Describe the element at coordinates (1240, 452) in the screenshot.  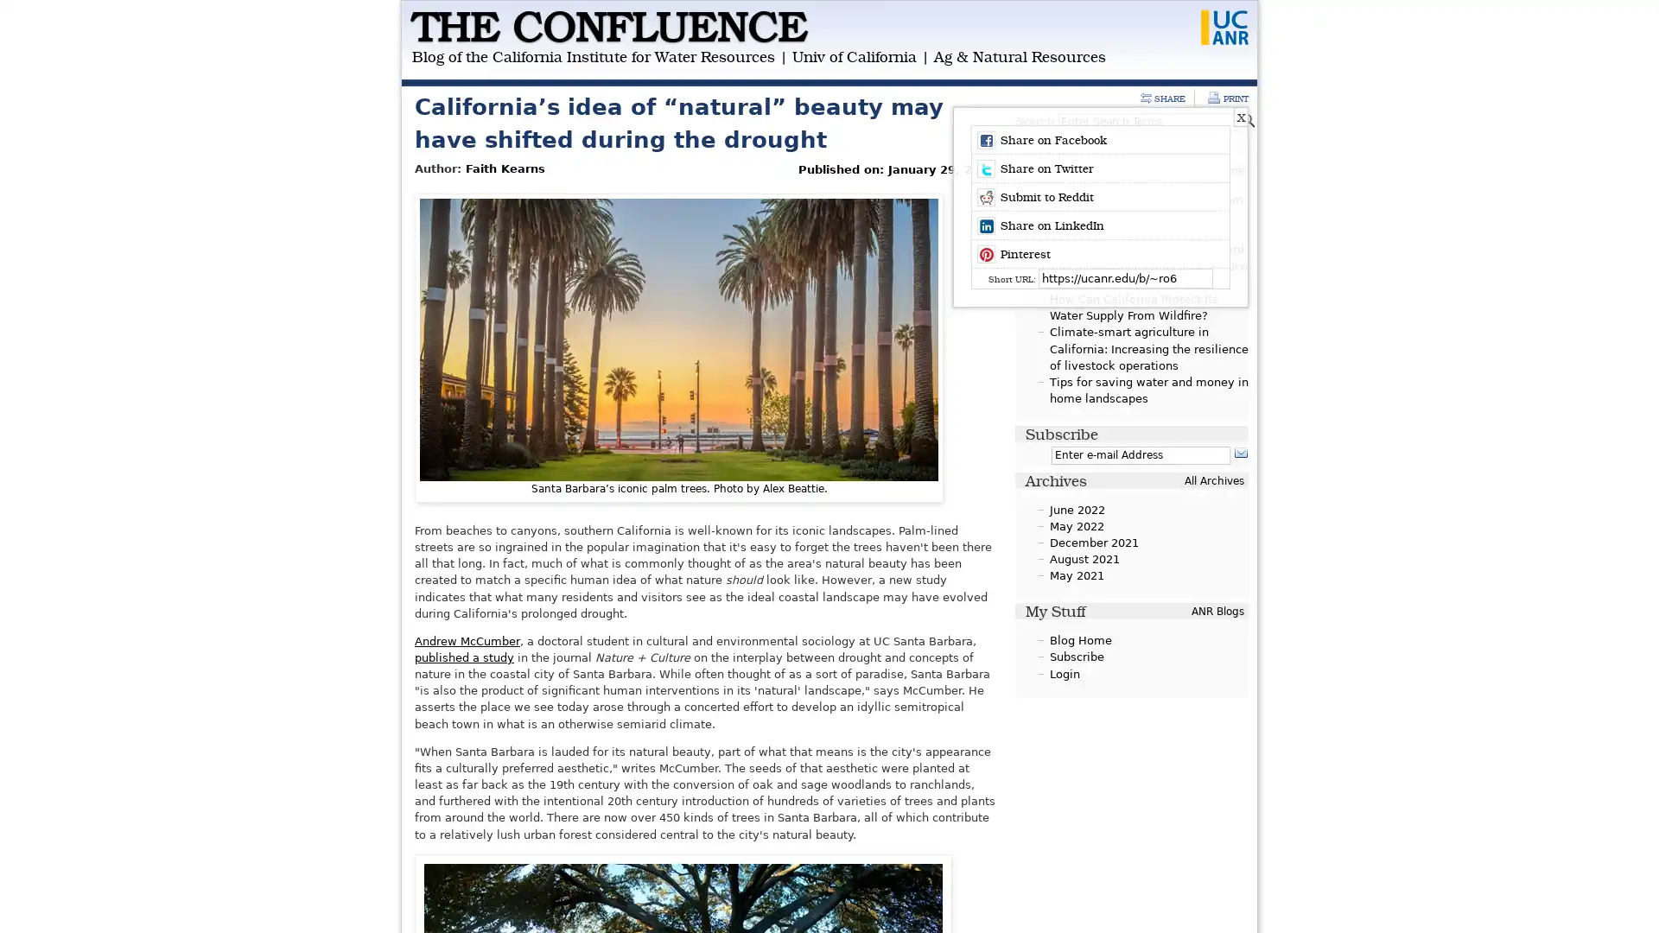
I see `Subscribe` at that location.